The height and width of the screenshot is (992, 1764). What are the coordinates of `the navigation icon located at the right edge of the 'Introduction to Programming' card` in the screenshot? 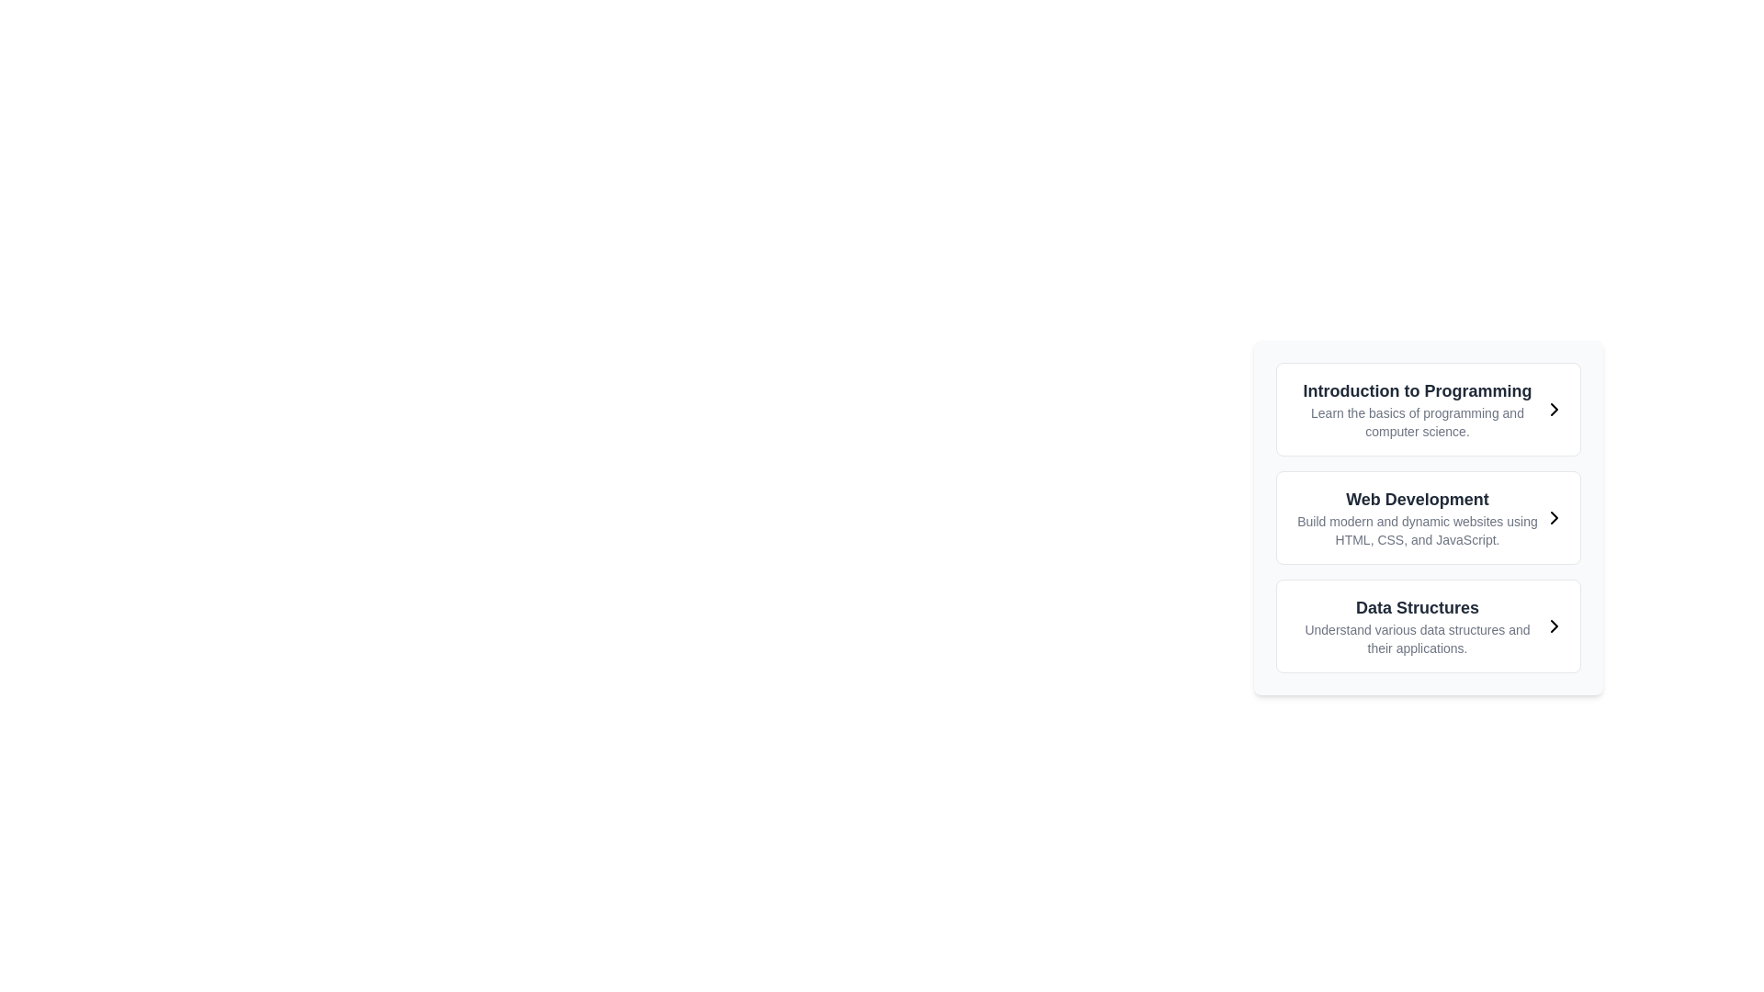 It's located at (1553, 409).